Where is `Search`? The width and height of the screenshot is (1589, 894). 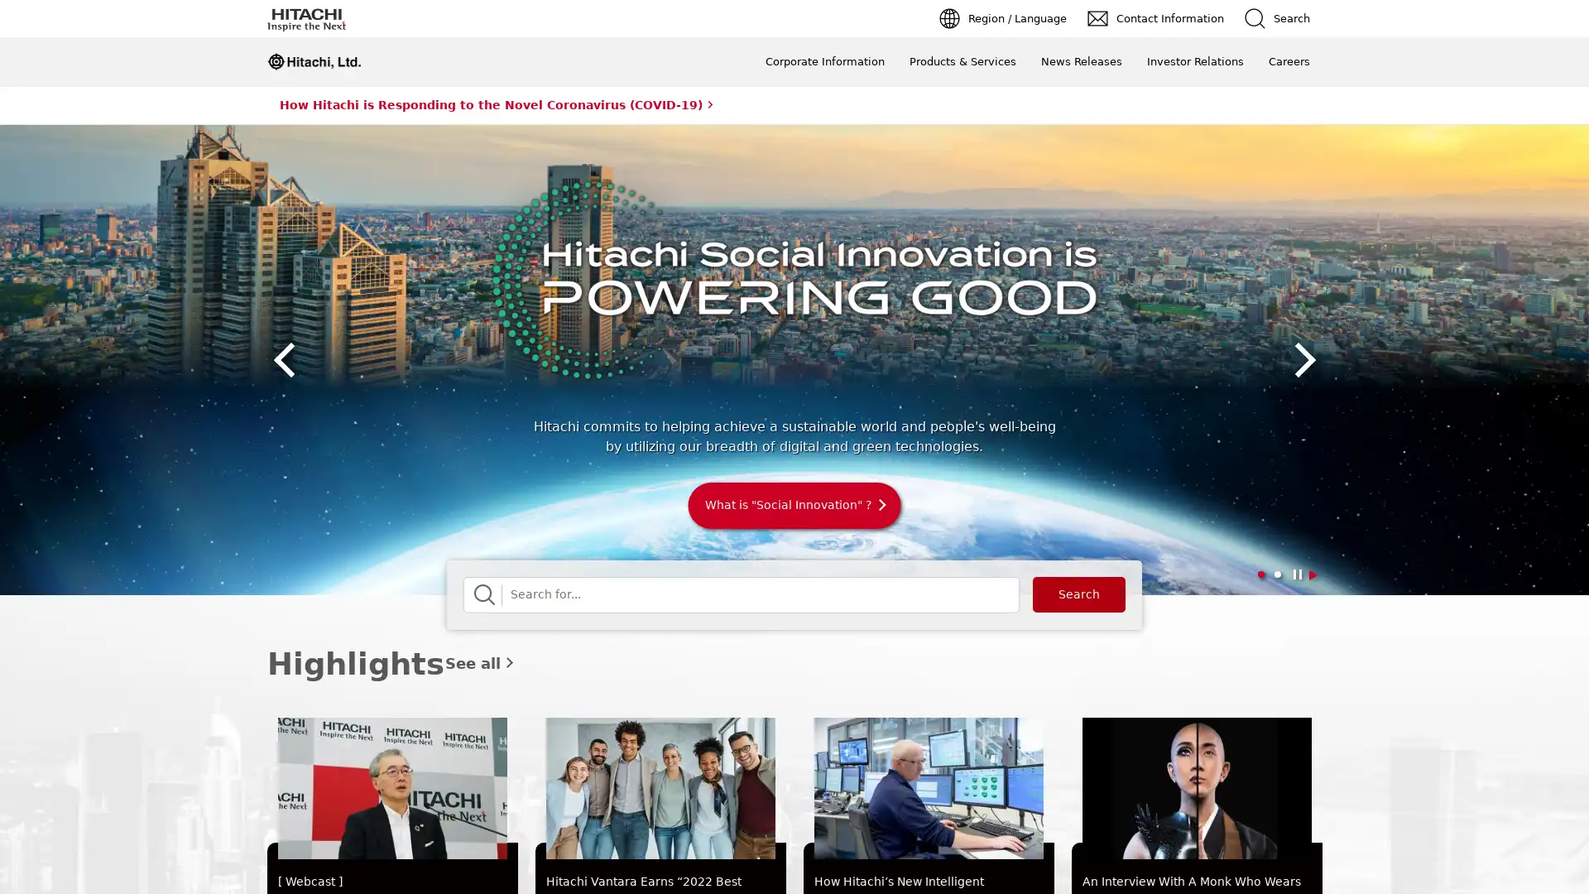
Search is located at coordinates (483, 594).